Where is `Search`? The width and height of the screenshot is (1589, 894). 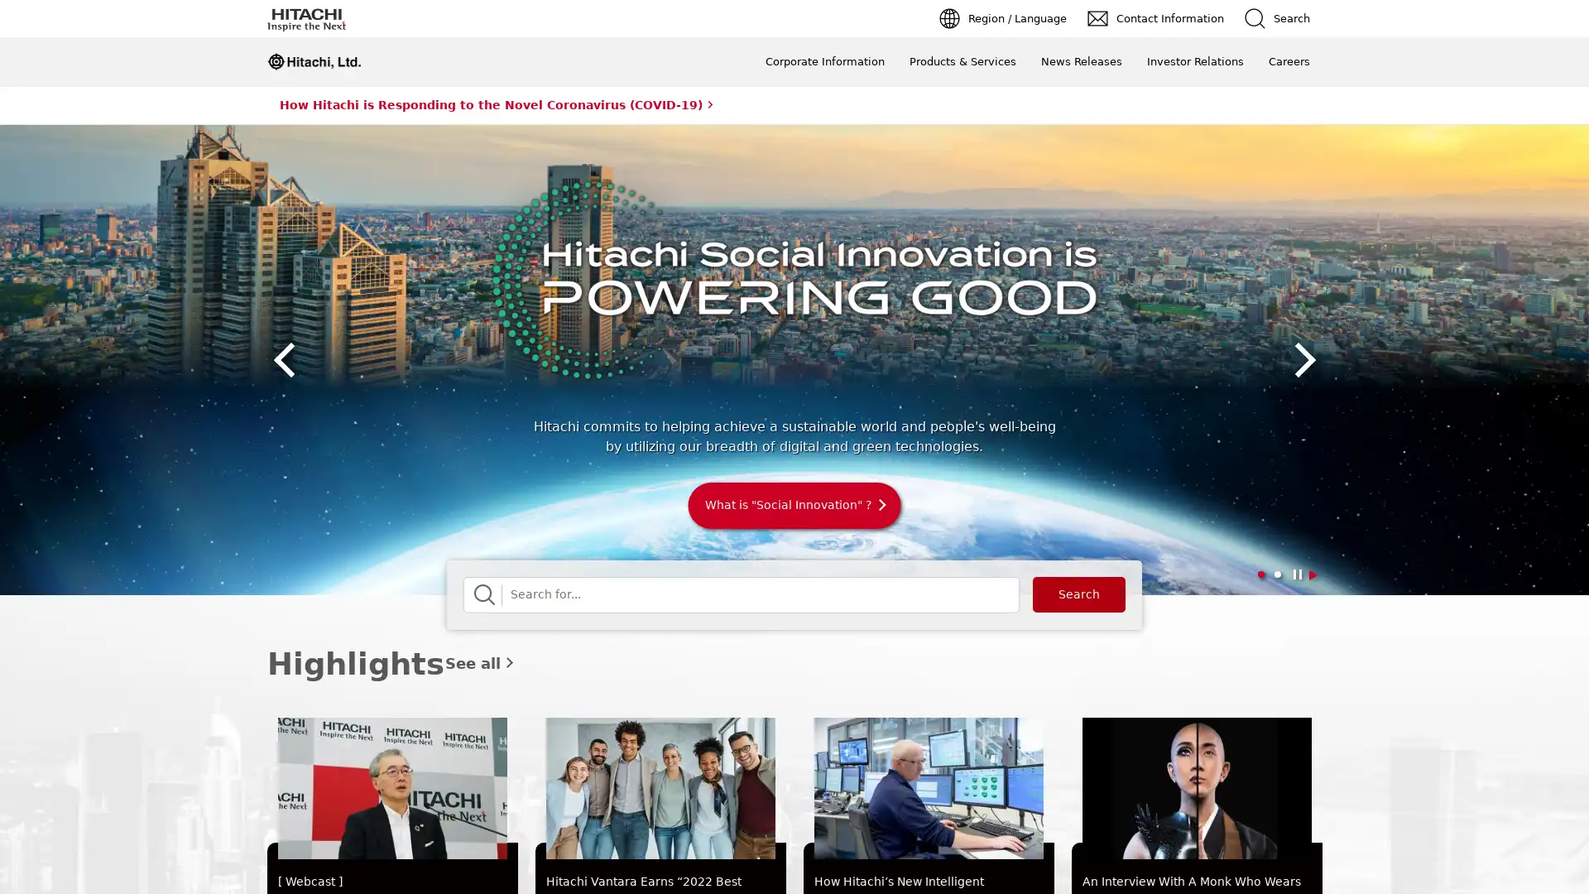
Search is located at coordinates (483, 594).